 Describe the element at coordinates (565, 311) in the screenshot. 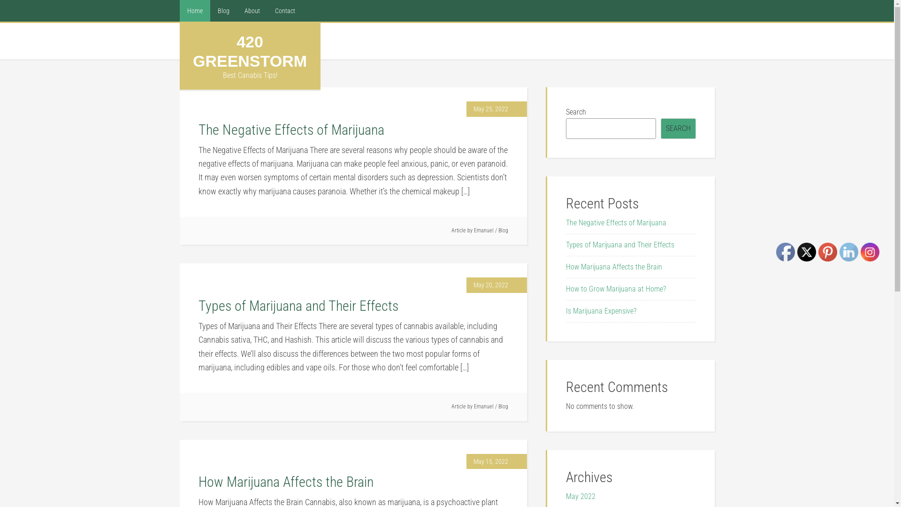

I see `'Is Marijuana Expensive?'` at that location.